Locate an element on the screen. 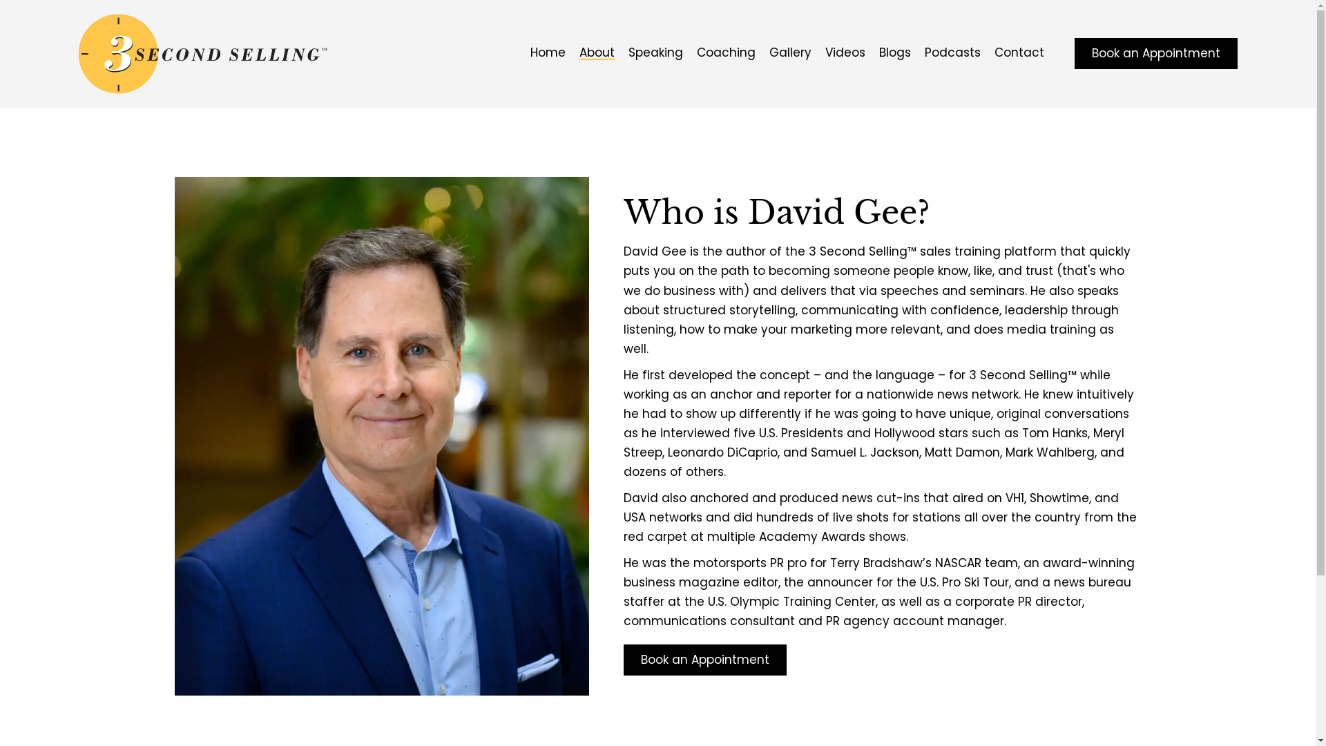 This screenshot has width=1326, height=746. 'Contact' is located at coordinates (1019, 52).